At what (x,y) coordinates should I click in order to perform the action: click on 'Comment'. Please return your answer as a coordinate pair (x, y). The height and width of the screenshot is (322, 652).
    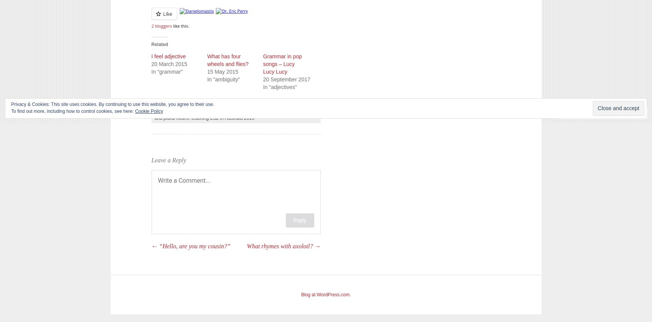
    Looking at the image, I should click on (582, 113).